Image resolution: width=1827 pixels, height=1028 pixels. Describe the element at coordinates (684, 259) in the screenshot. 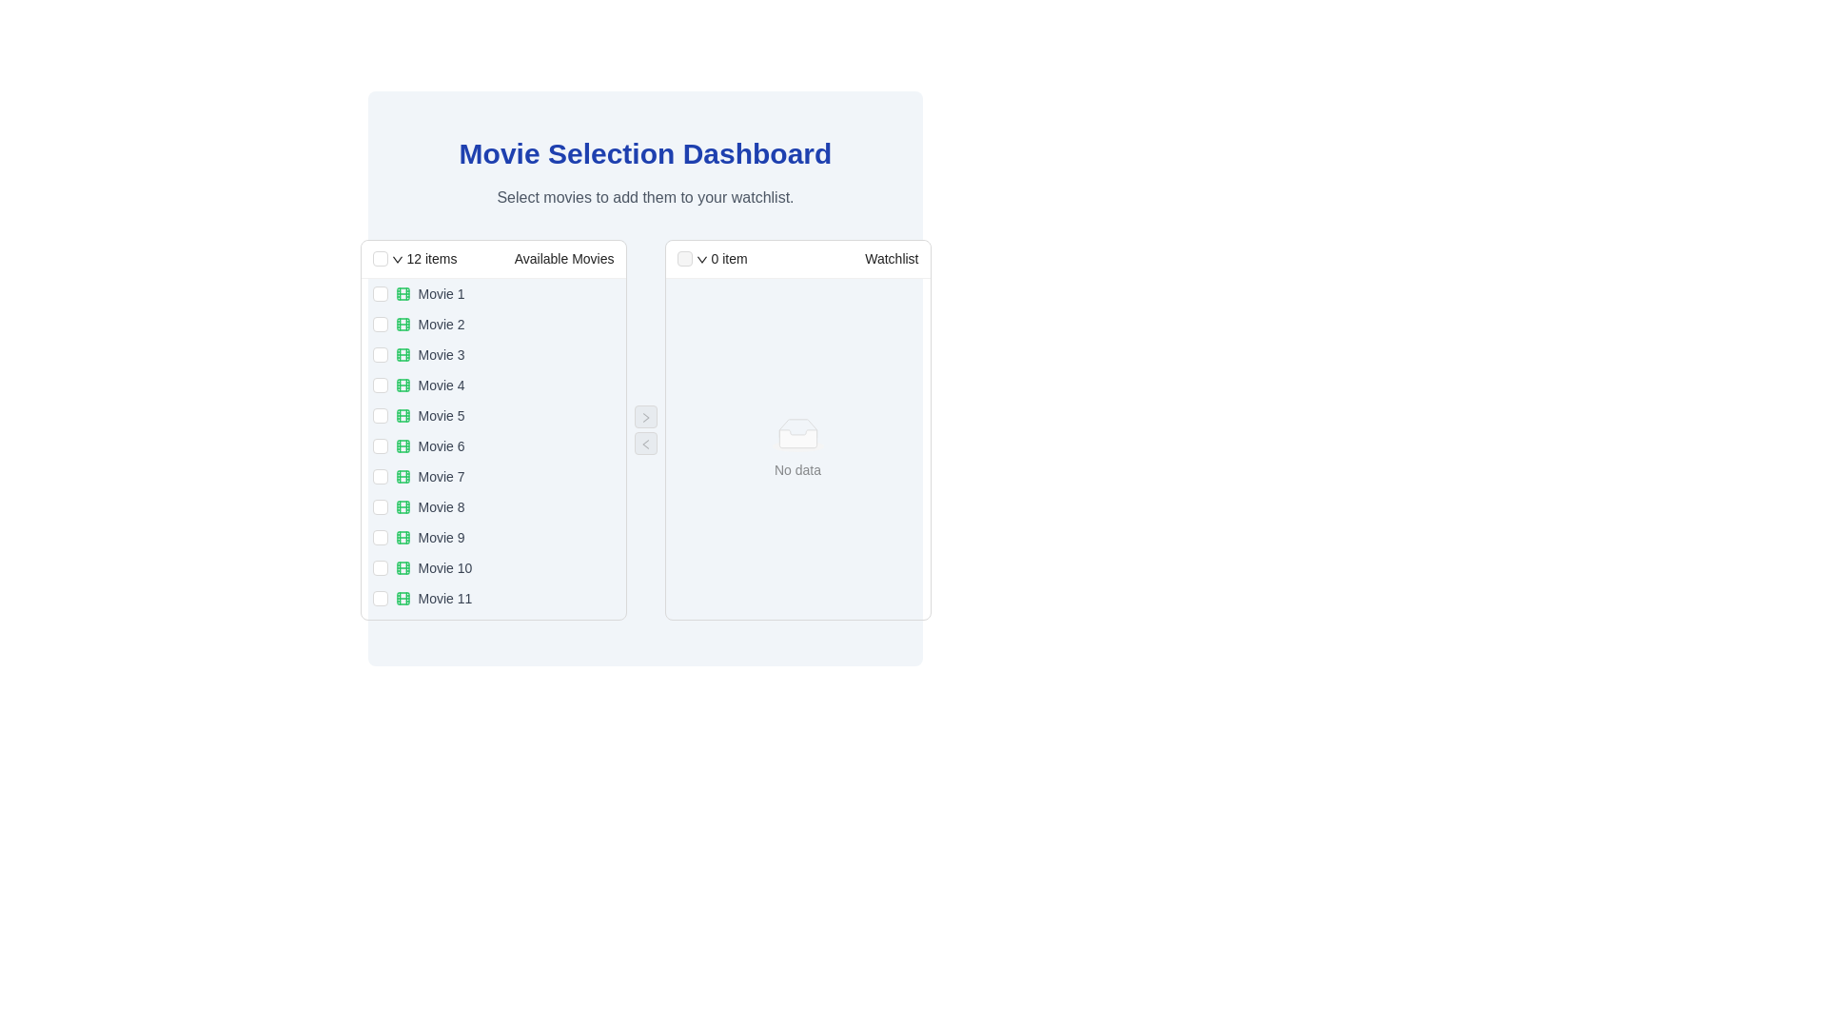

I see `the disabled and interactive checkbox located in the header section of the 'Watchlist', which is positioned to the left of the '0 item' label` at that location.